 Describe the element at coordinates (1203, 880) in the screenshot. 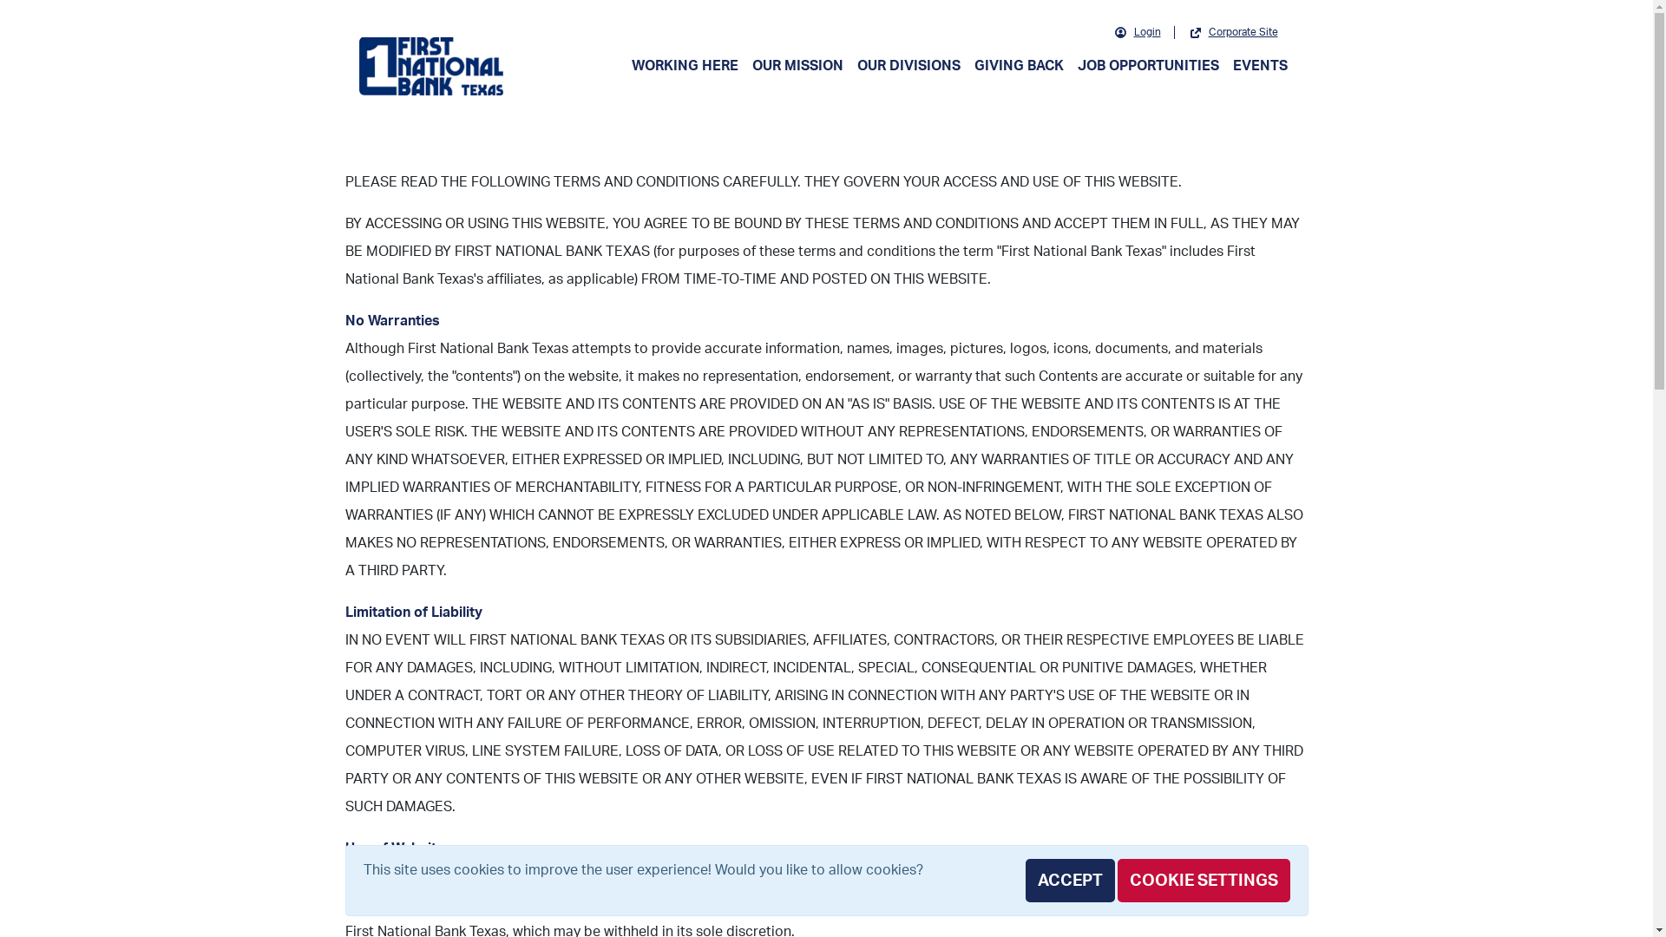

I see `'COOKIE SETTINGS'` at that location.